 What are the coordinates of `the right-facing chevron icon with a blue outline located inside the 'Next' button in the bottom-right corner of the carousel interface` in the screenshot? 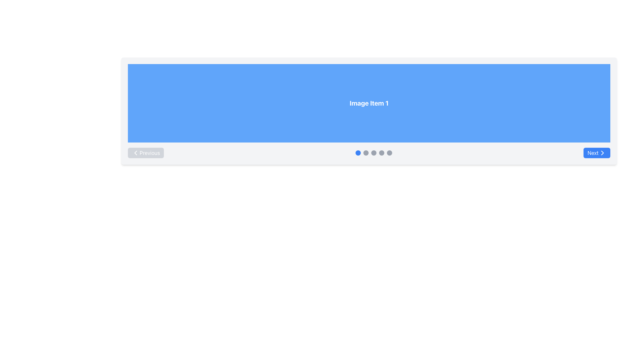 It's located at (602, 153).